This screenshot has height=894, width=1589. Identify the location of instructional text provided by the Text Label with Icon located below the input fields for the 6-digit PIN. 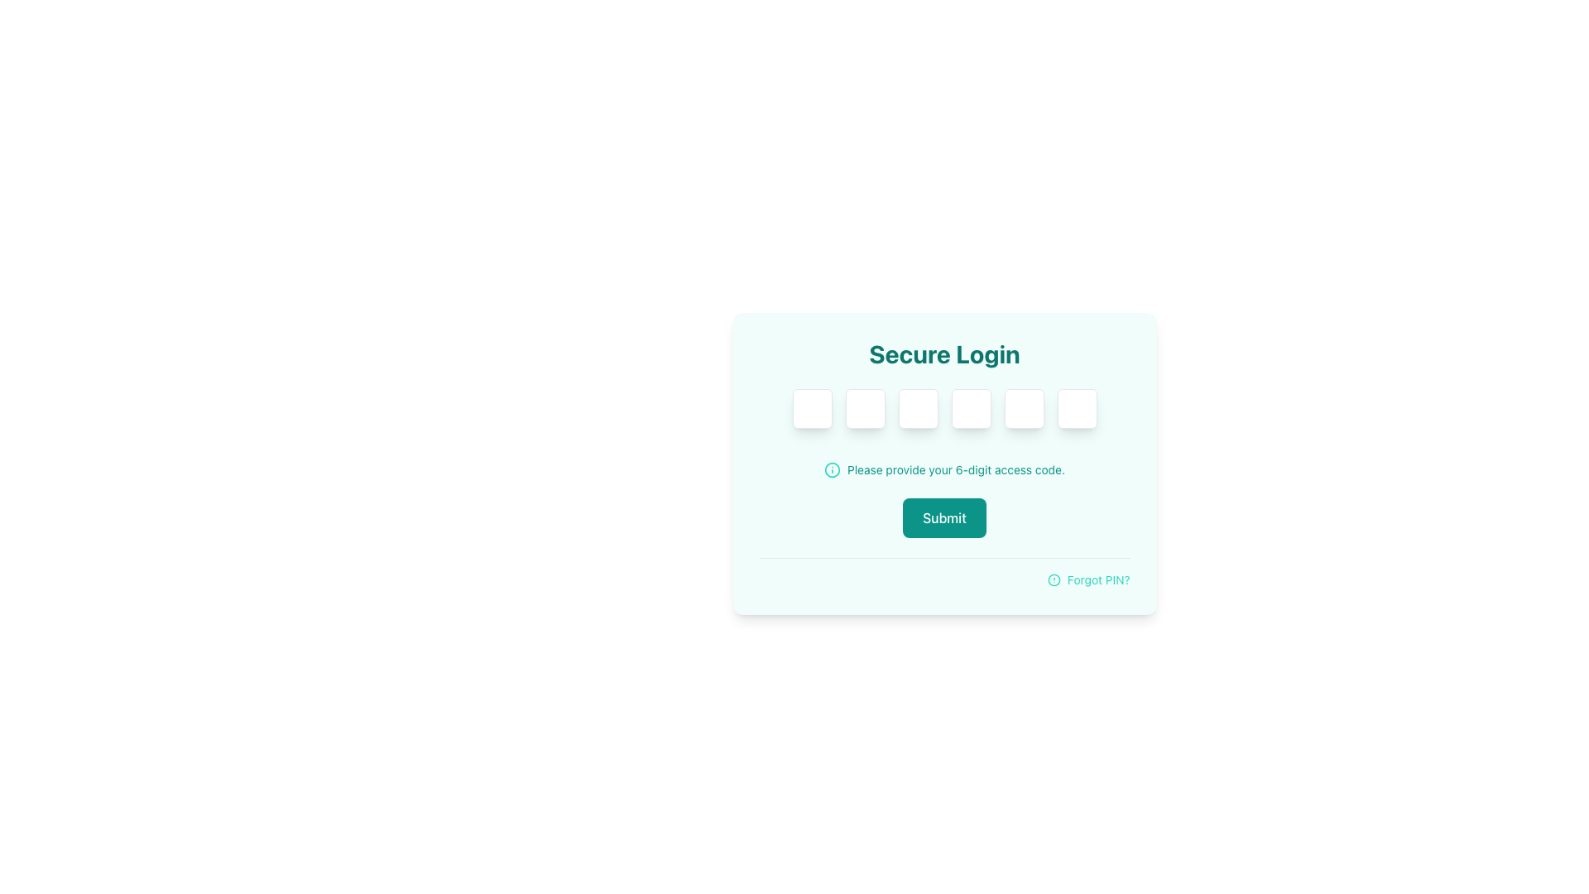
(944, 469).